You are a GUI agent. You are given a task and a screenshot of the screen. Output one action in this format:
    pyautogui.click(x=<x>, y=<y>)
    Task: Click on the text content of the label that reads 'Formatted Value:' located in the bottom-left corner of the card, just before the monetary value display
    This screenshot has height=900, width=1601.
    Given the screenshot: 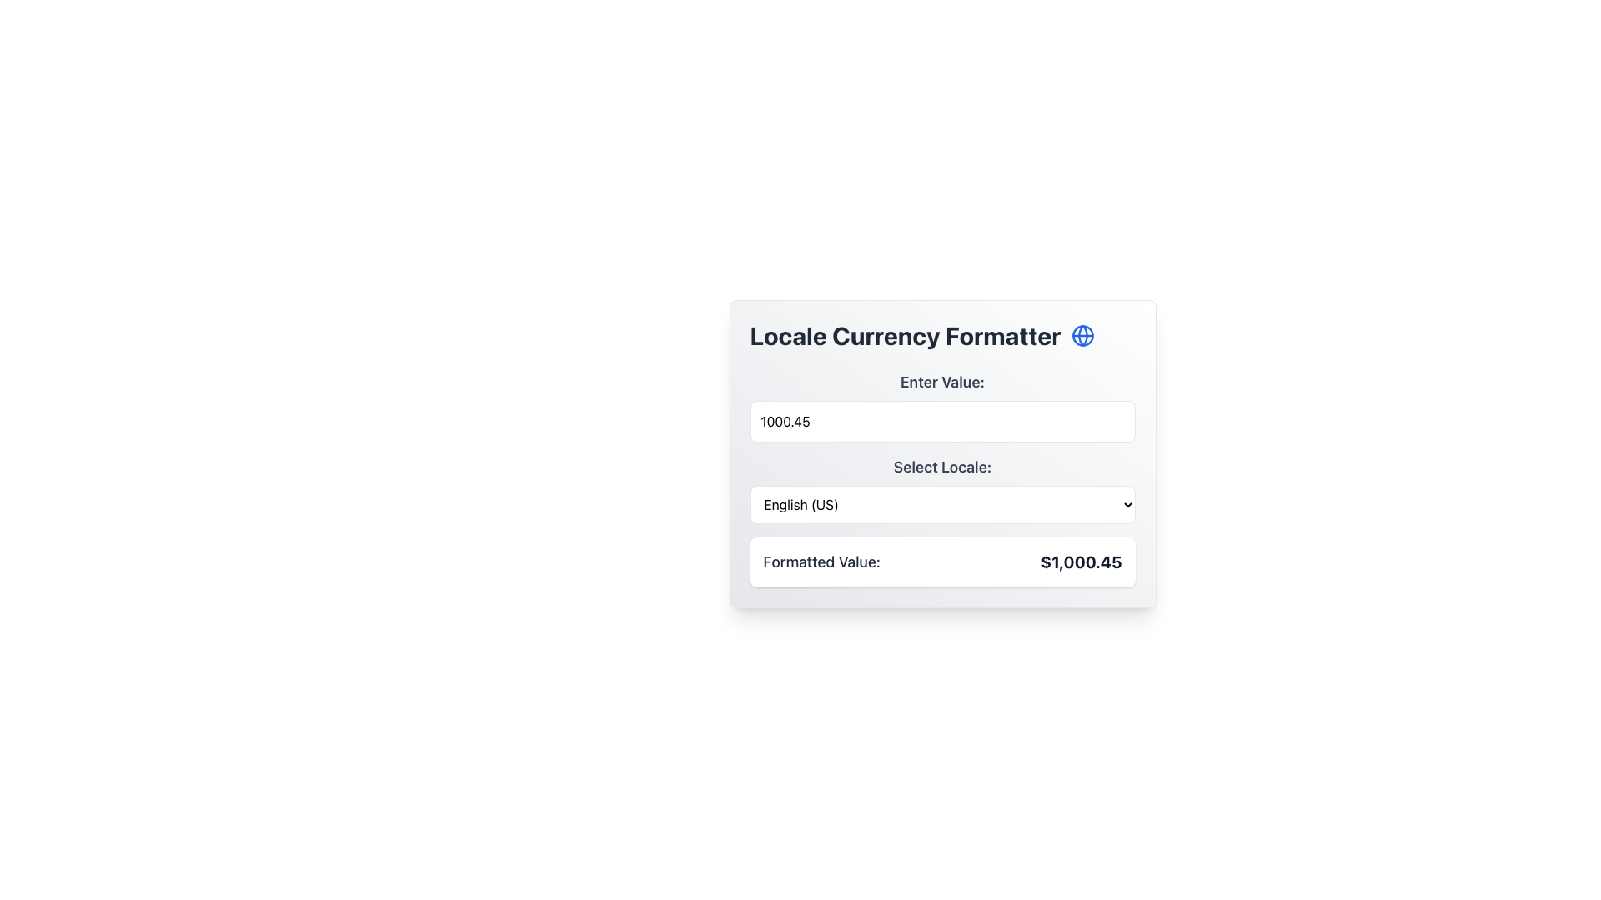 What is the action you would take?
    pyautogui.click(x=821, y=562)
    